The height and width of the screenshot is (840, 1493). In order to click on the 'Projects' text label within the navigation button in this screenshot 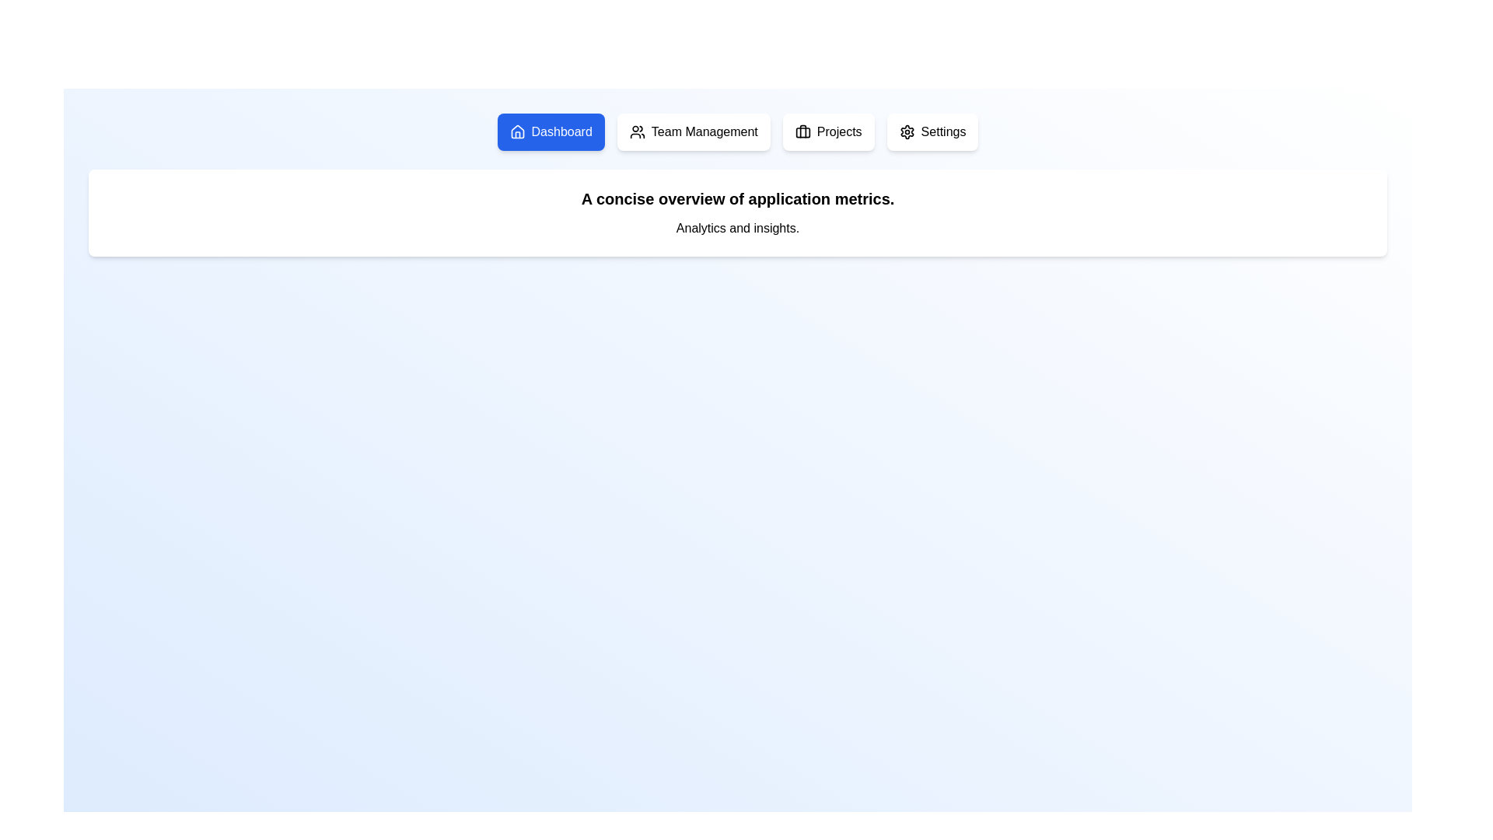, I will do `click(838, 131)`.